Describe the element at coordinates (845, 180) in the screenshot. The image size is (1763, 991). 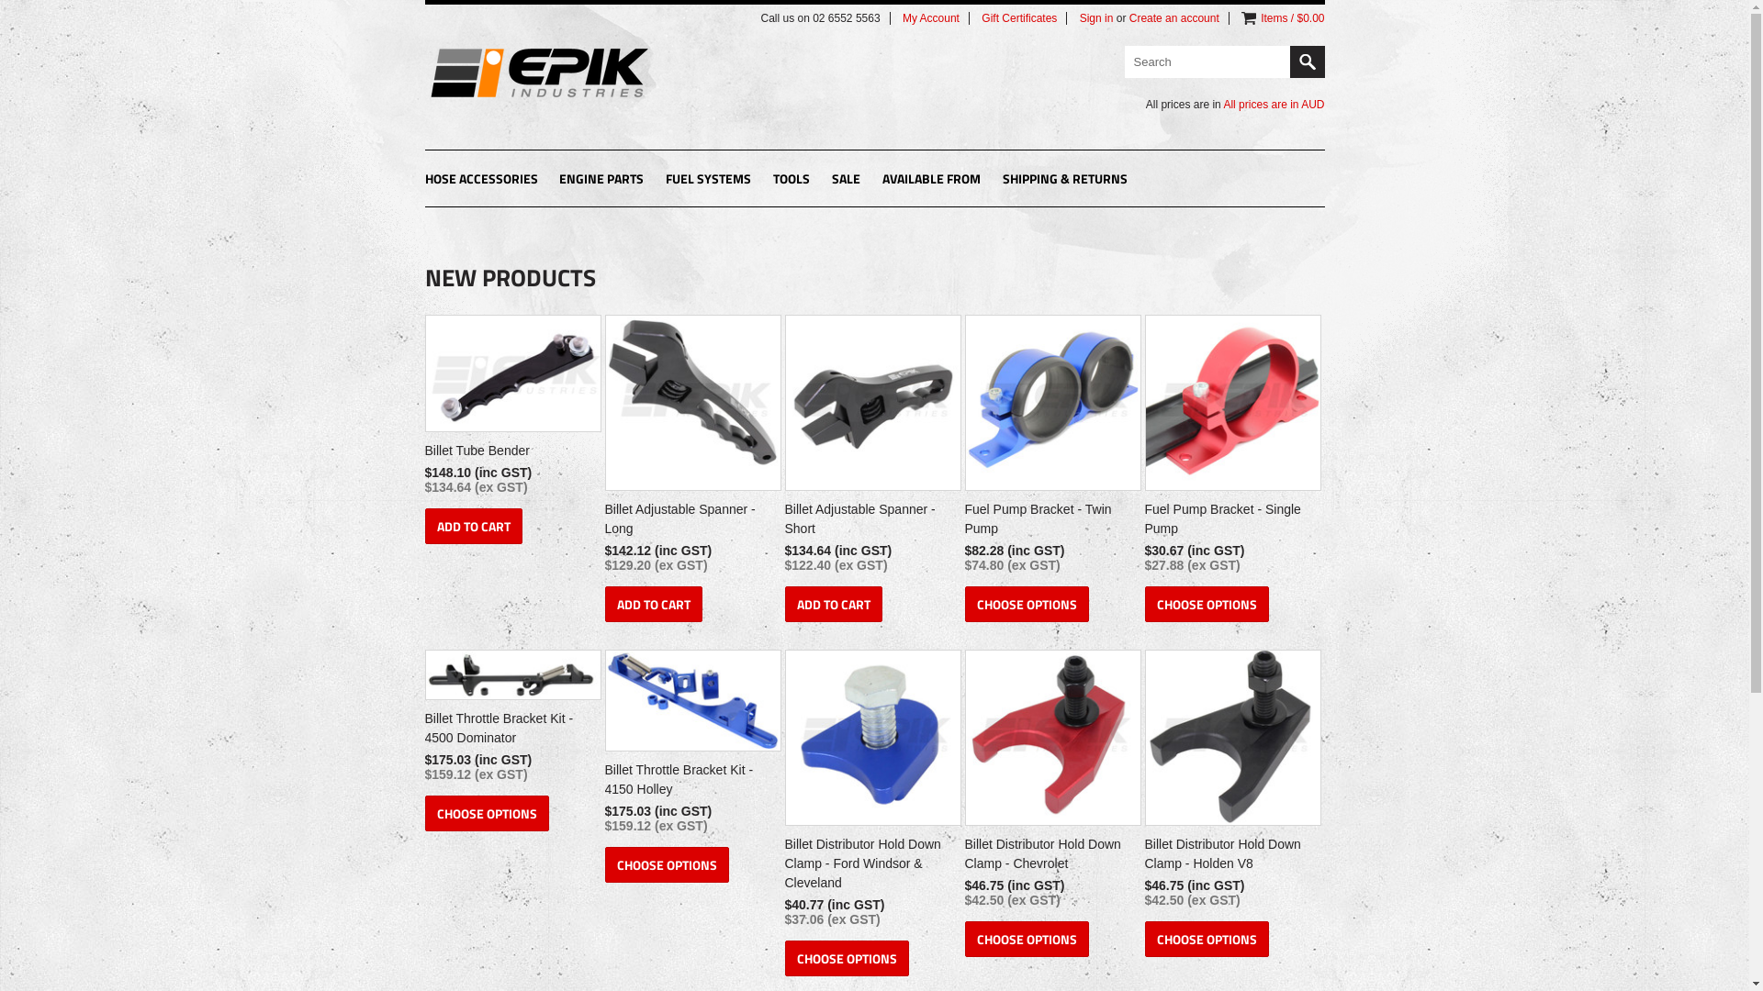
I see `'SALE'` at that location.